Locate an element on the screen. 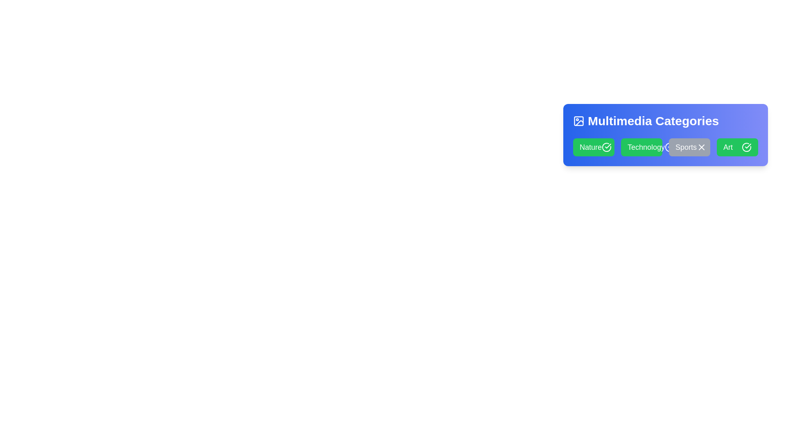  the 'Nature' button, which is a green rectangular button with rounded corners and displays the text 'Nature' in white, located in the 'Multimedia Categories' section is located at coordinates (594, 147).